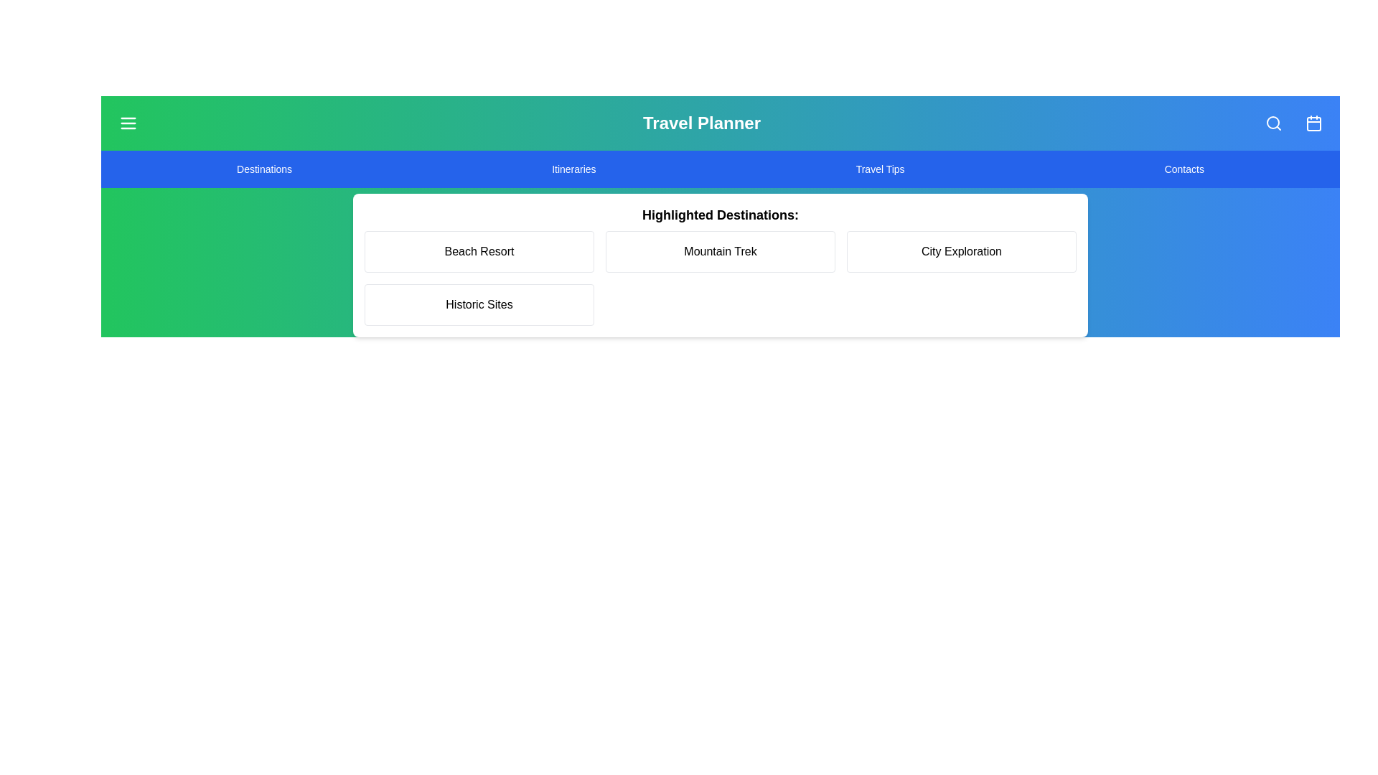 The width and height of the screenshot is (1378, 775). I want to click on the calendar button to toggle the carousel visibility, so click(1313, 123).